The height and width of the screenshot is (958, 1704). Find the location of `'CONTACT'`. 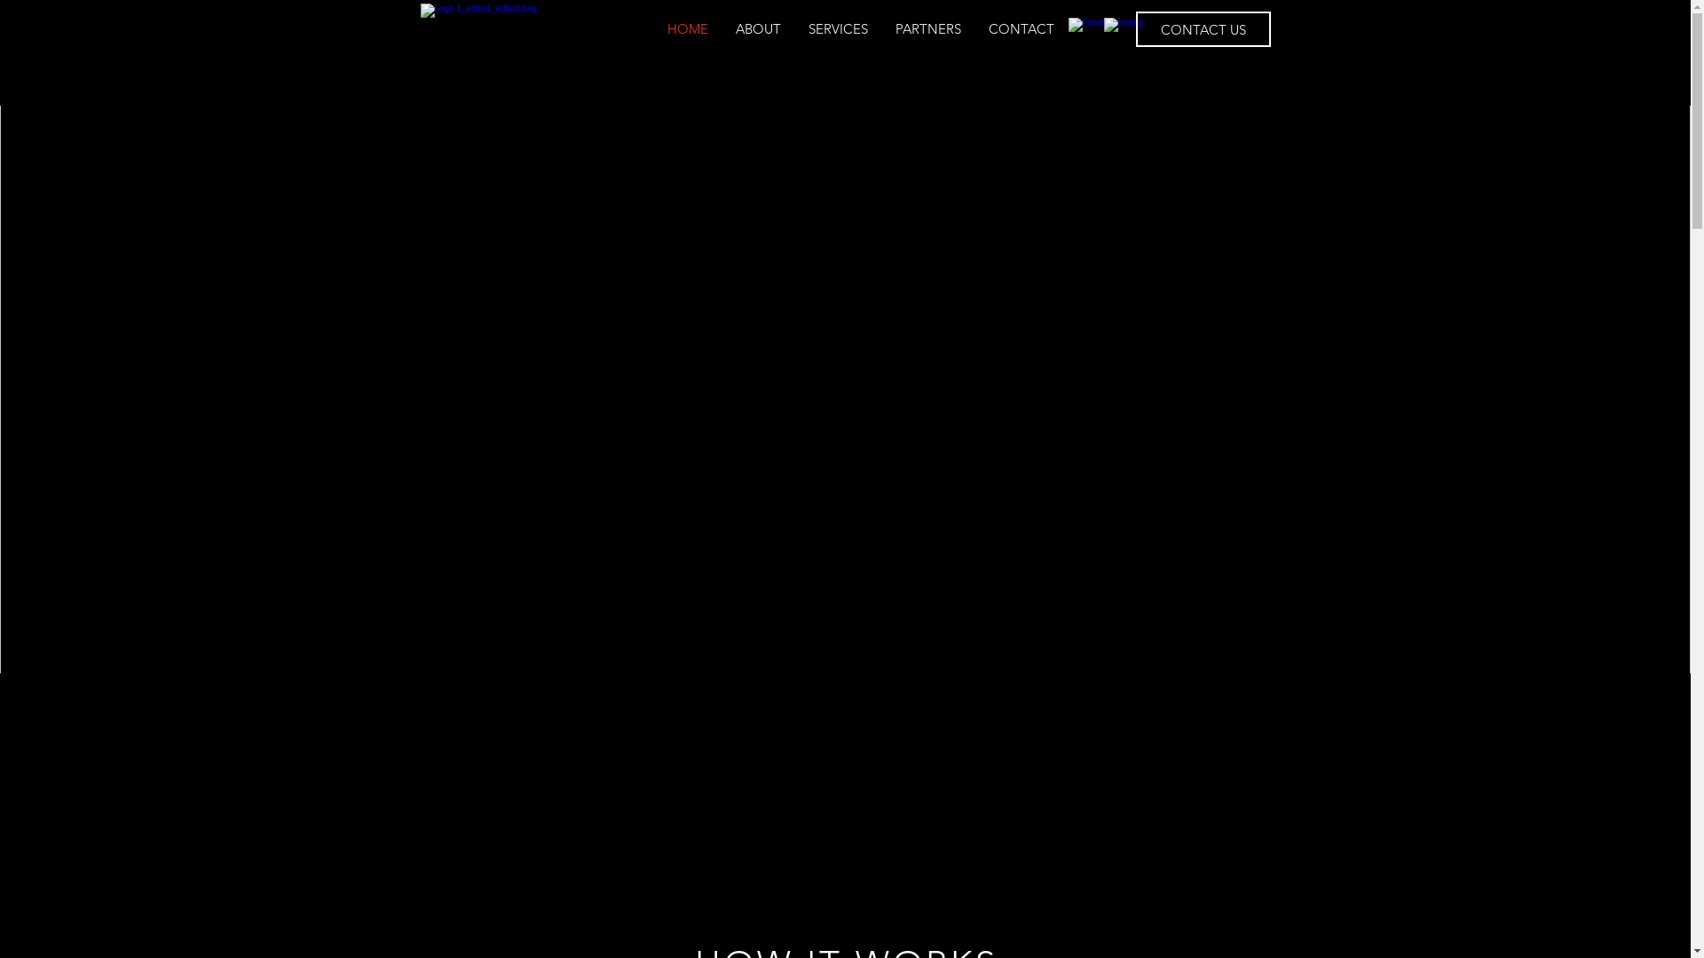

'CONTACT' is located at coordinates (1021, 29).